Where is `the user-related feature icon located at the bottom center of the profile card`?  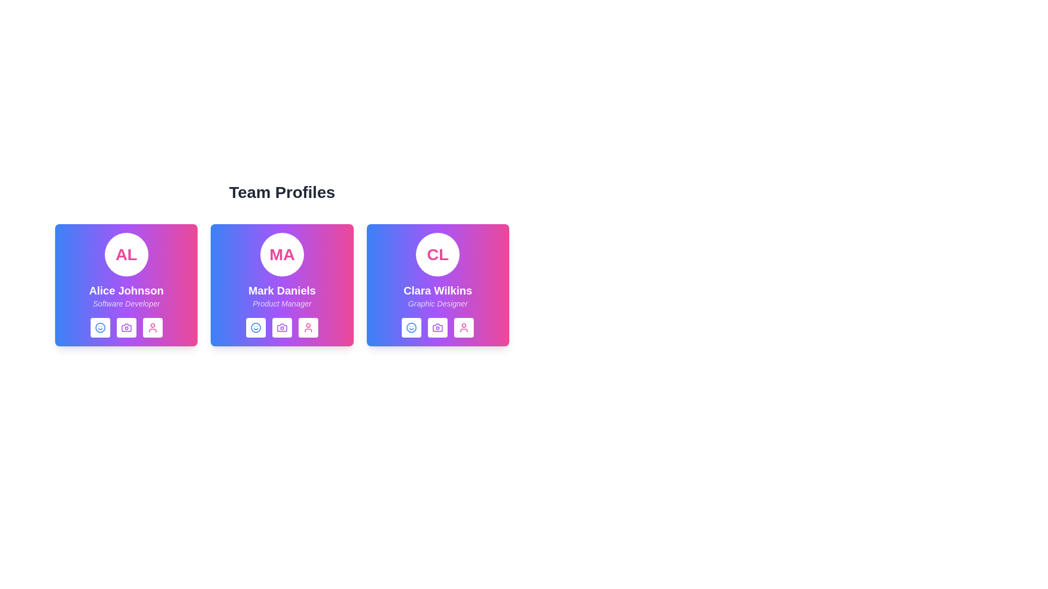
the user-related feature icon located at the bottom center of the profile card is located at coordinates (152, 327).